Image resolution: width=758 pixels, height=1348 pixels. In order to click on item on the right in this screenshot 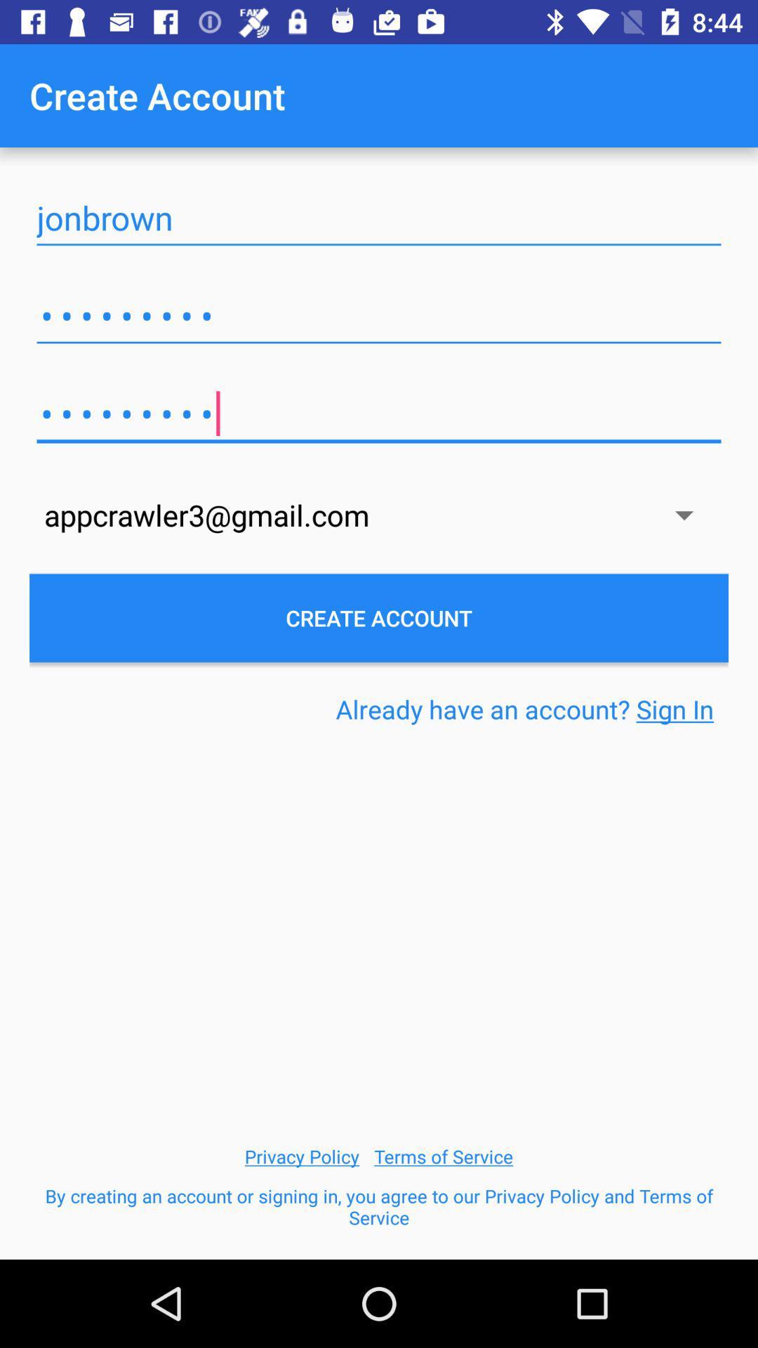, I will do `click(524, 709)`.